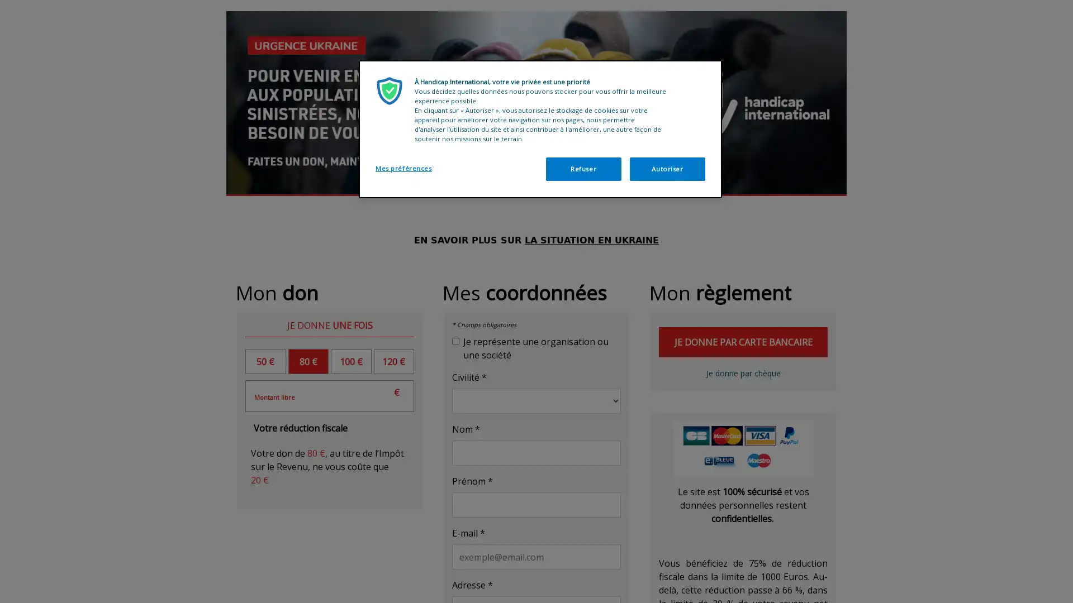 This screenshot has width=1073, height=603. What do you see at coordinates (412, 168) in the screenshot?
I see `Mes preferences` at bounding box center [412, 168].